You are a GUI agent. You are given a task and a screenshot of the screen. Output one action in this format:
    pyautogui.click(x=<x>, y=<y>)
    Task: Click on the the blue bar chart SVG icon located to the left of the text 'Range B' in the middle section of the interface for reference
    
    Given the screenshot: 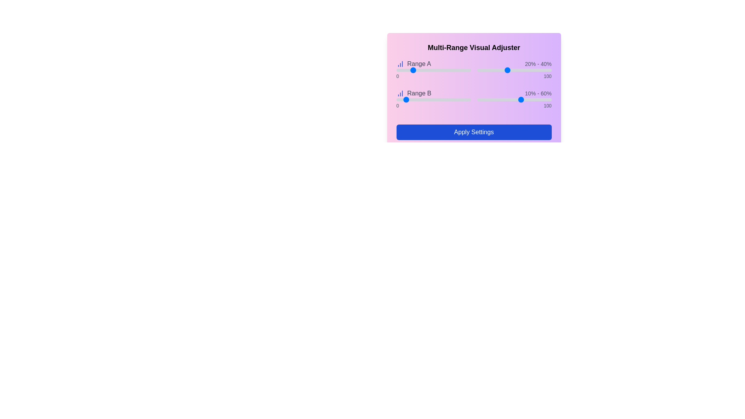 What is the action you would take?
    pyautogui.click(x=400, y=93)
    